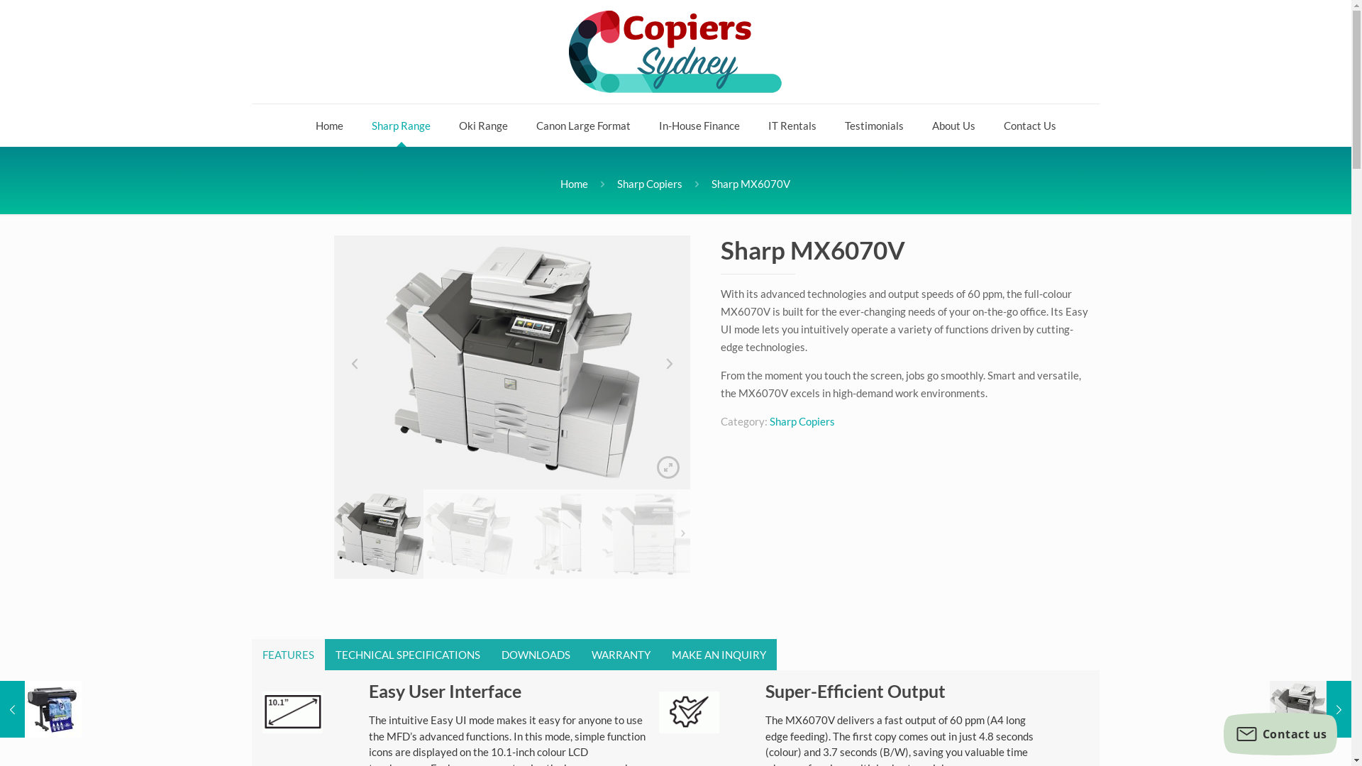 The width and height of the screenshot is (1362, 766). I want to click on 'About Us', so click(953, 125).